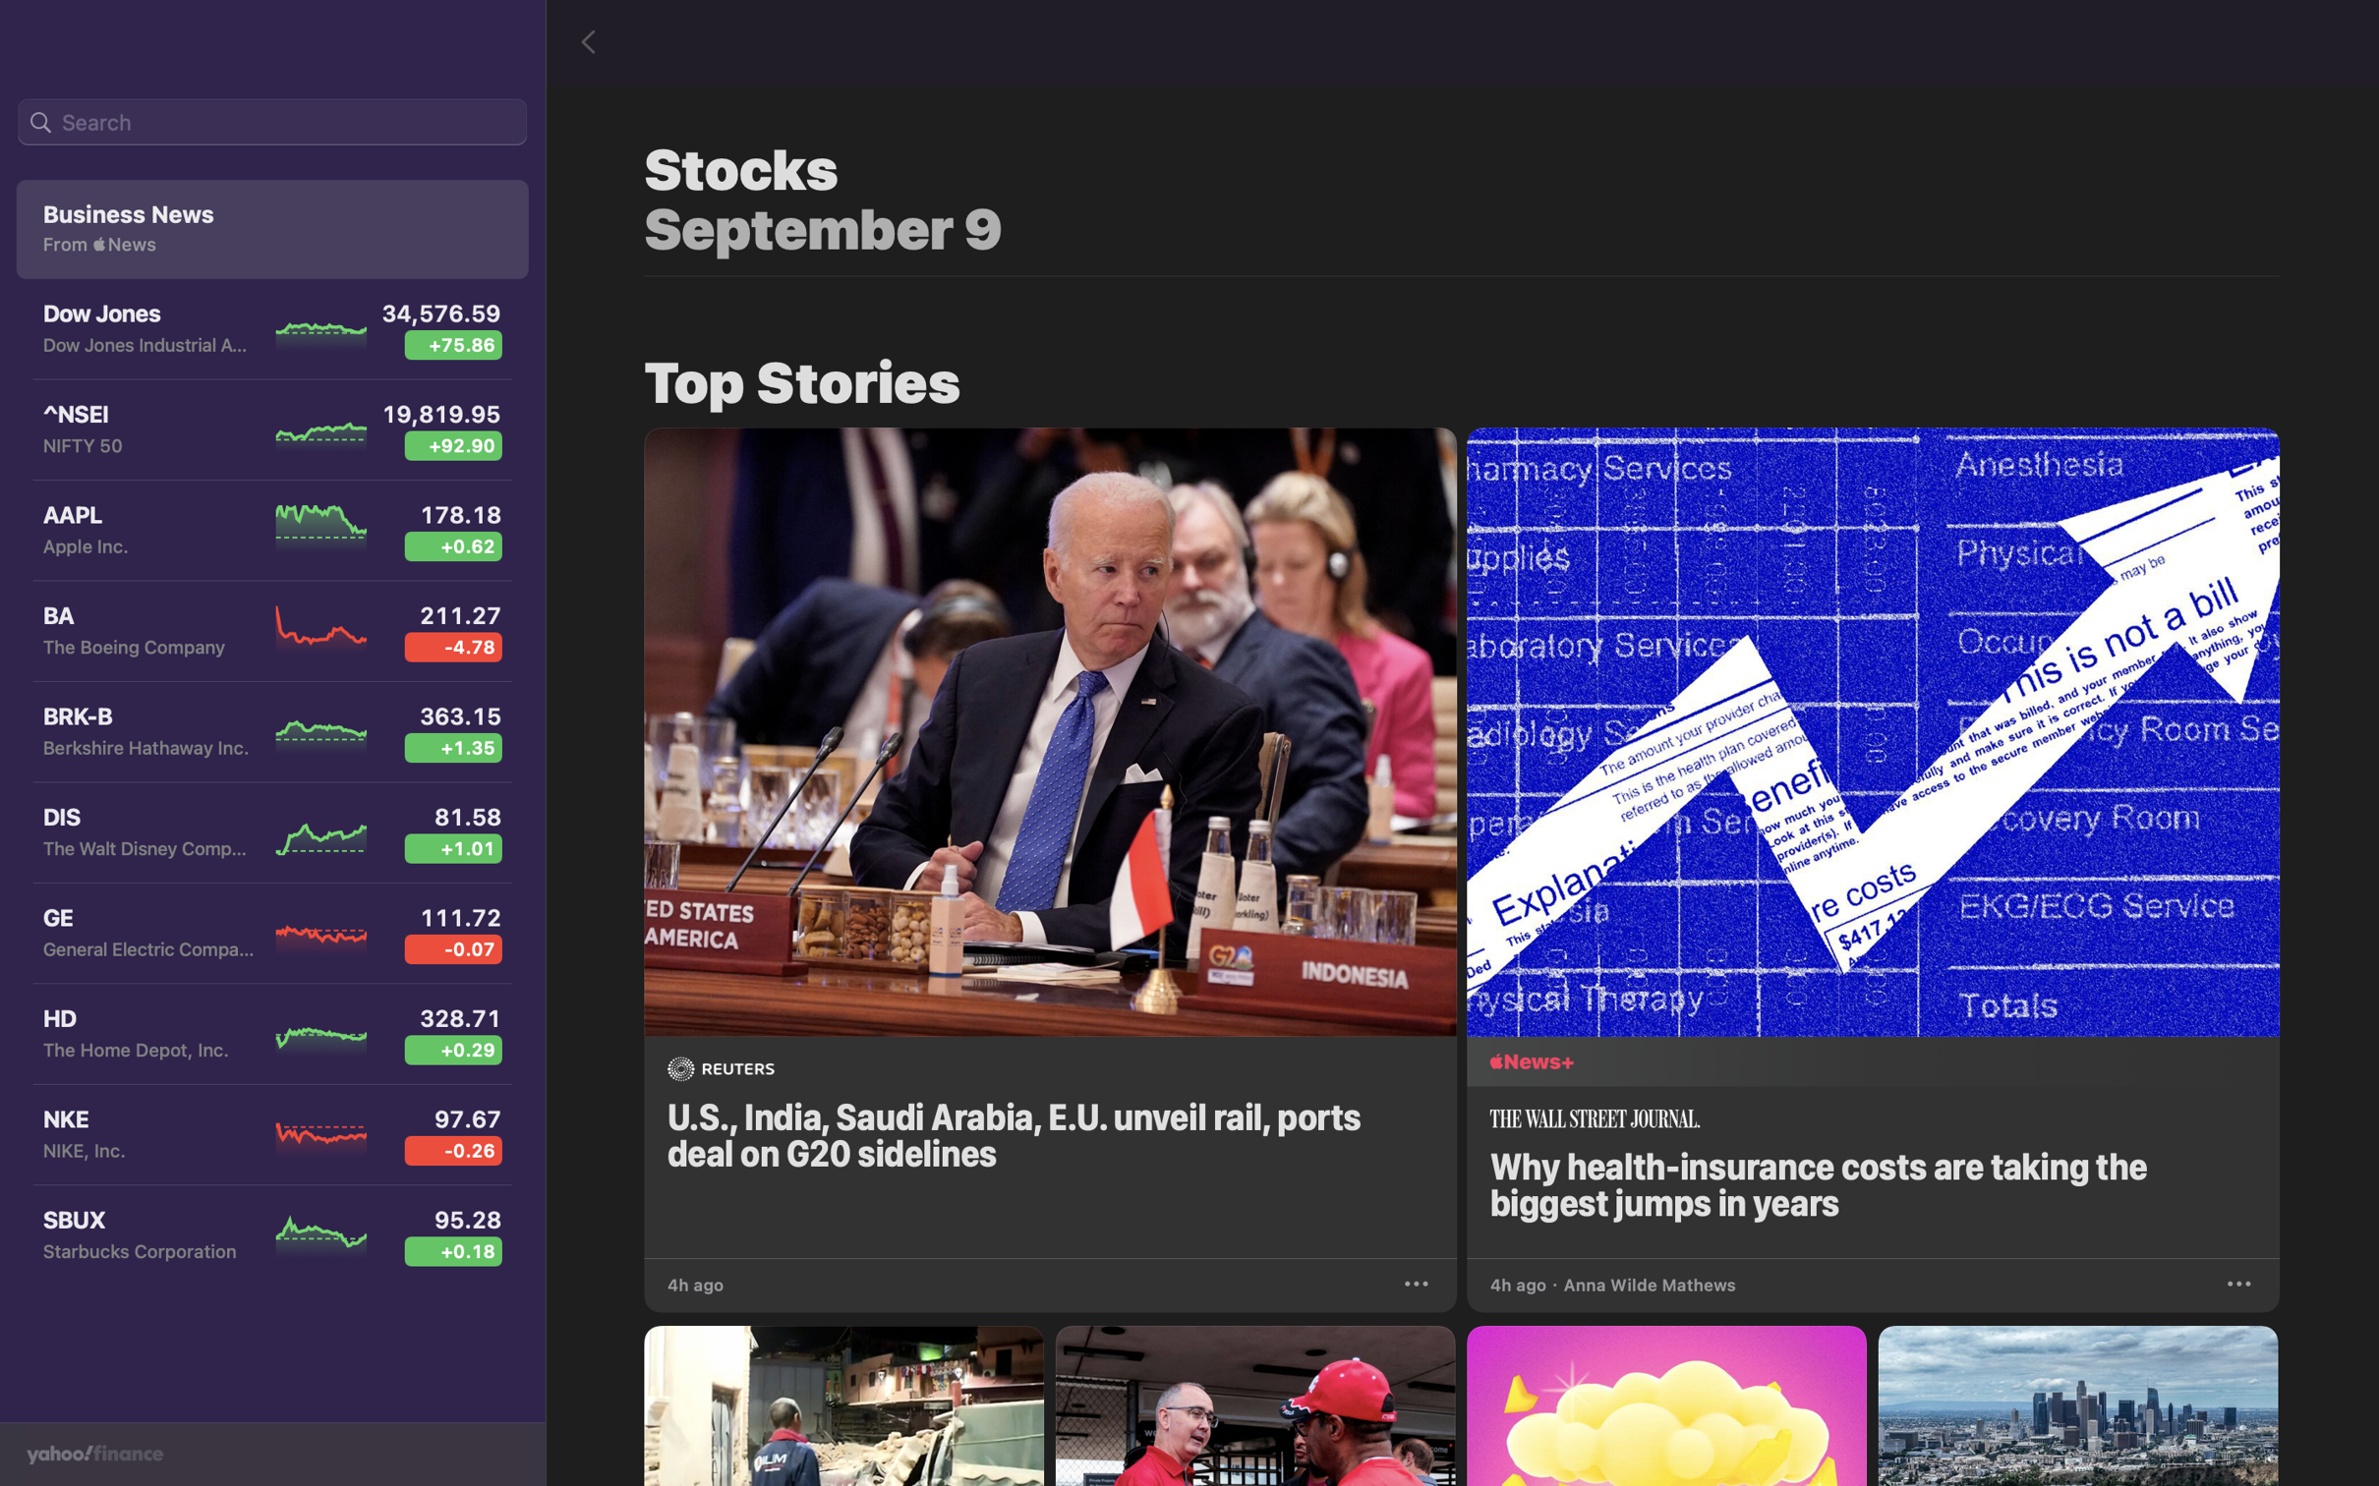 Image resolution: width=2379 pixels, height=1486 pixels. What do you see at coordinates (271, 123) in the screenshot?
I see `Look up the stock for "Starbucks Corporation" using the search bar` at bounding box center [271, 123].